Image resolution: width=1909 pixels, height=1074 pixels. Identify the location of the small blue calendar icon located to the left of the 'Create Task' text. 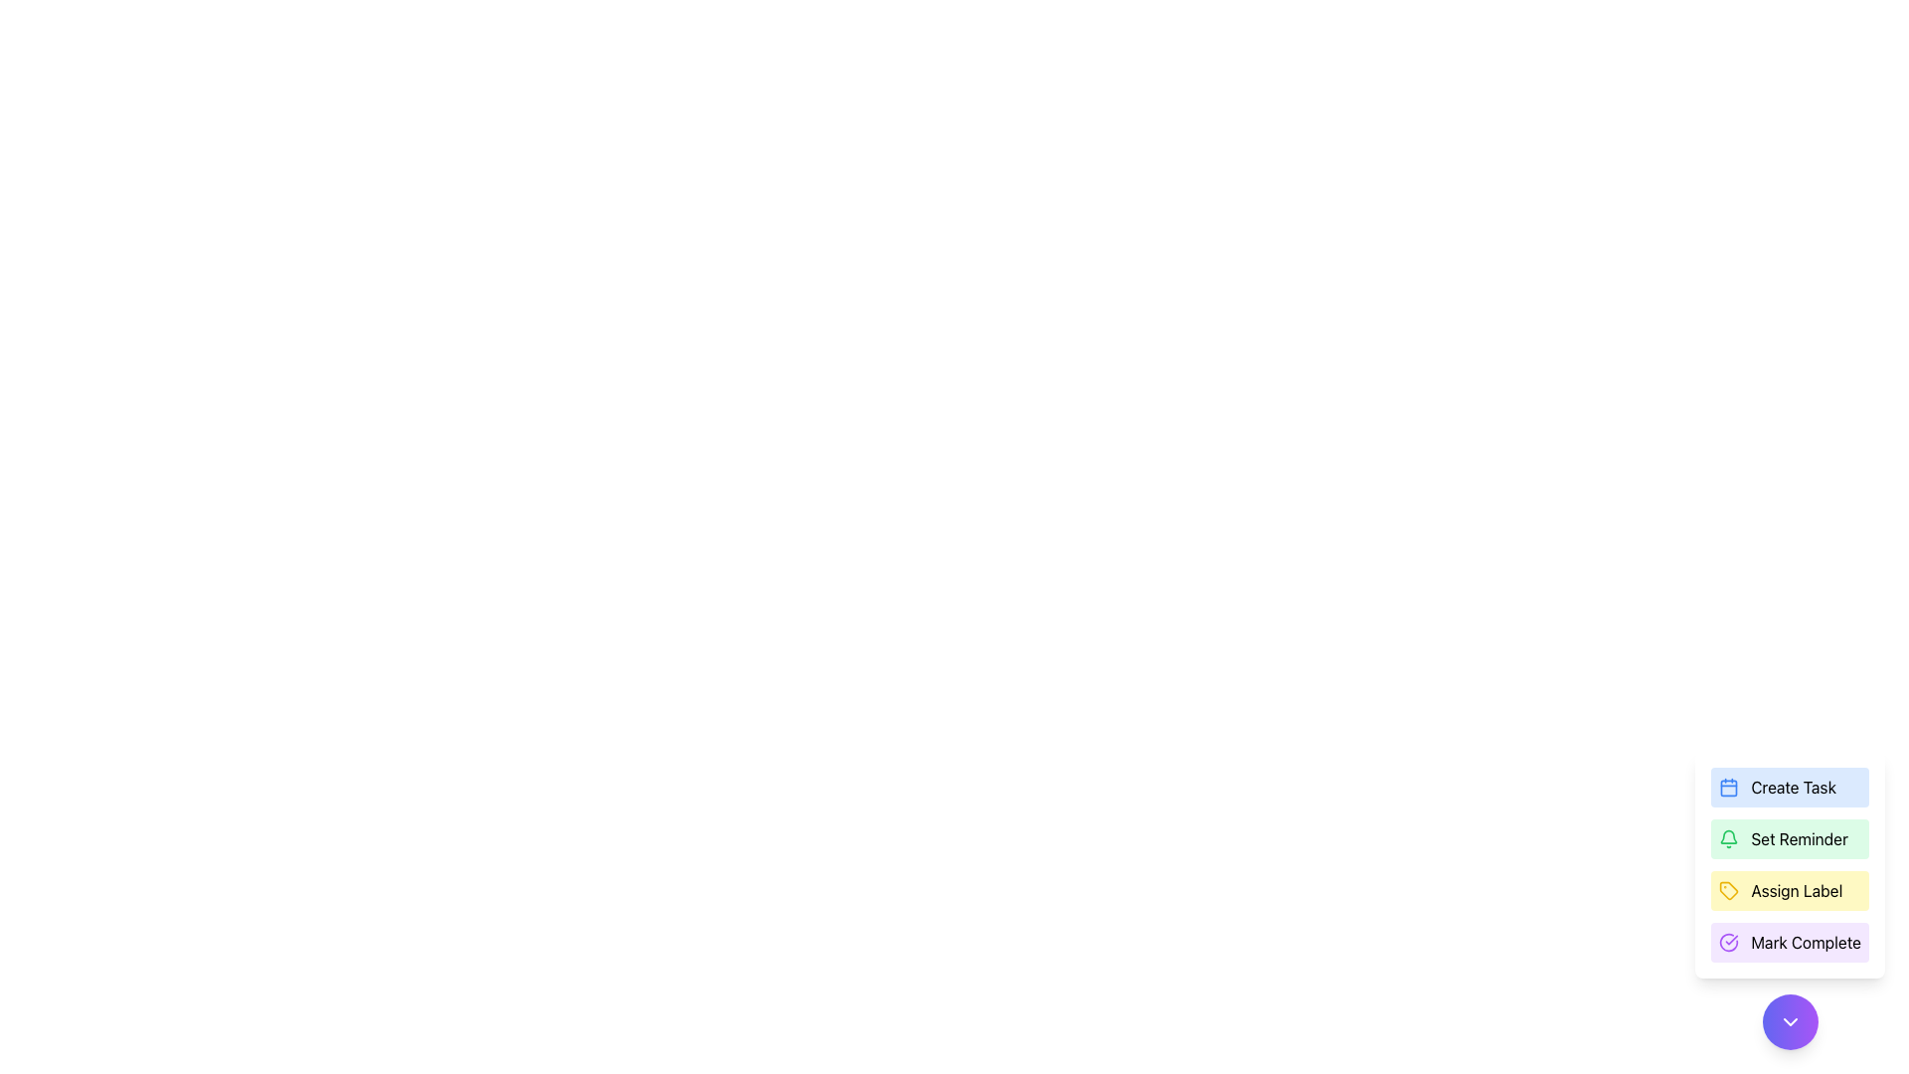
(1728, 786).